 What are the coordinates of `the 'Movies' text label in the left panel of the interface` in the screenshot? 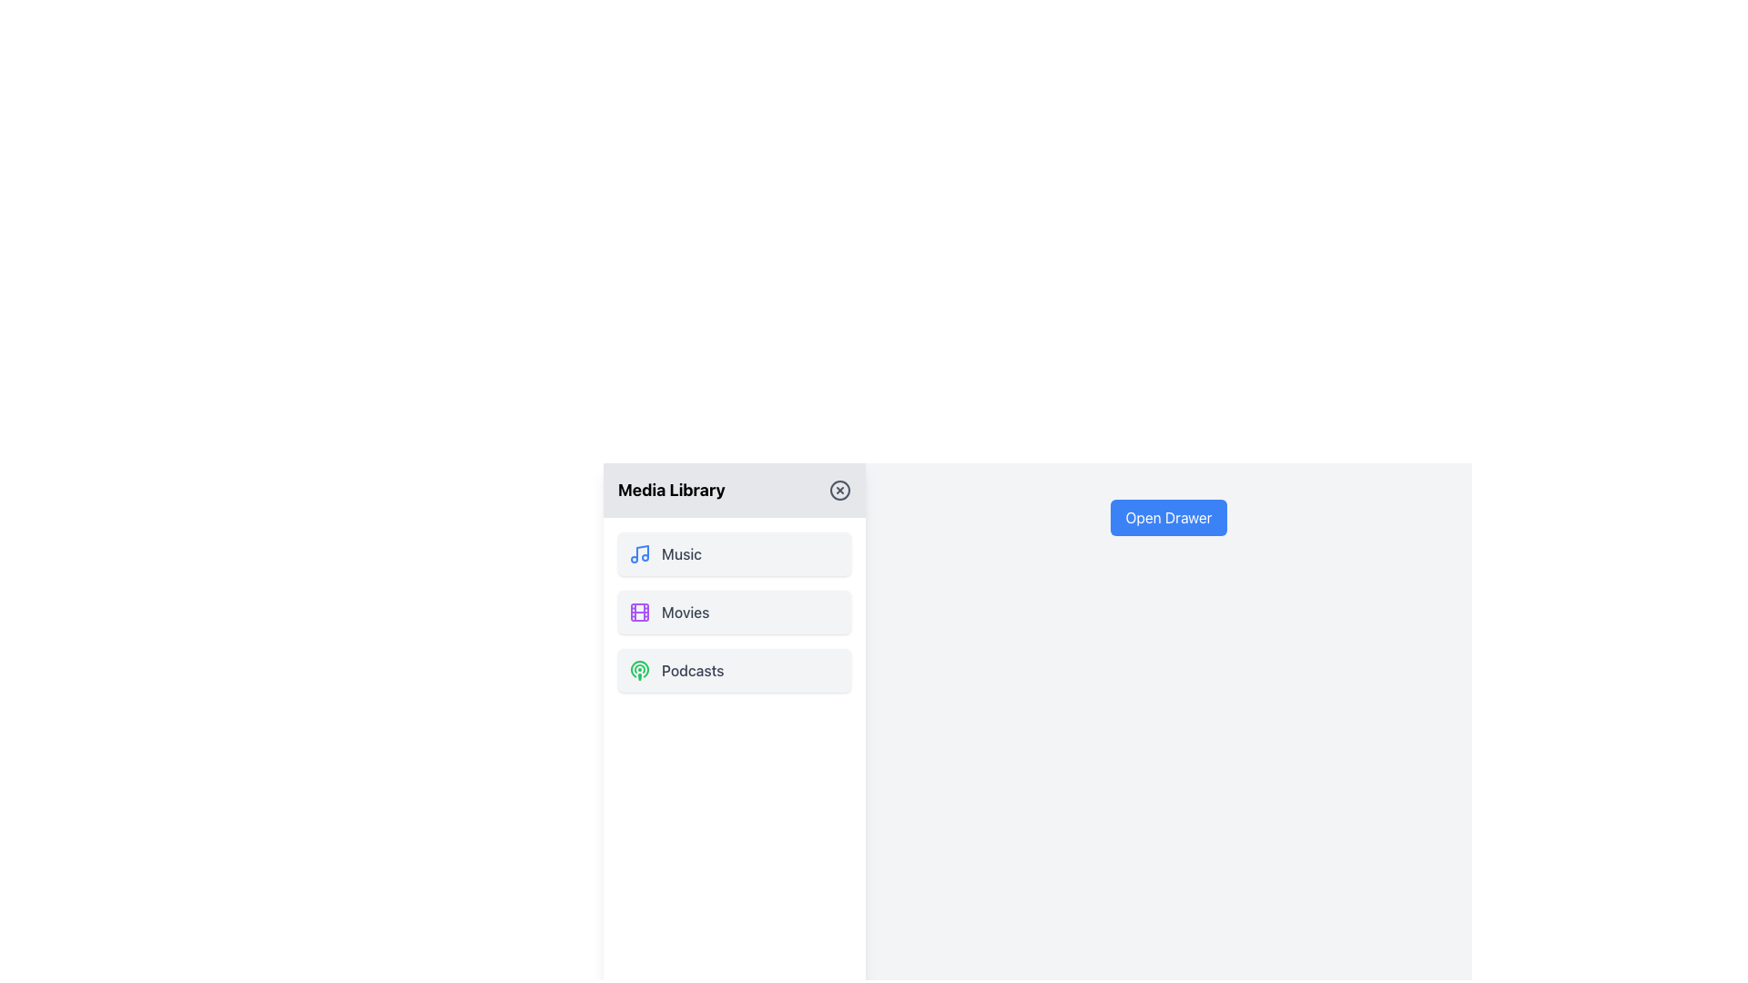 It's located at (685, 612).